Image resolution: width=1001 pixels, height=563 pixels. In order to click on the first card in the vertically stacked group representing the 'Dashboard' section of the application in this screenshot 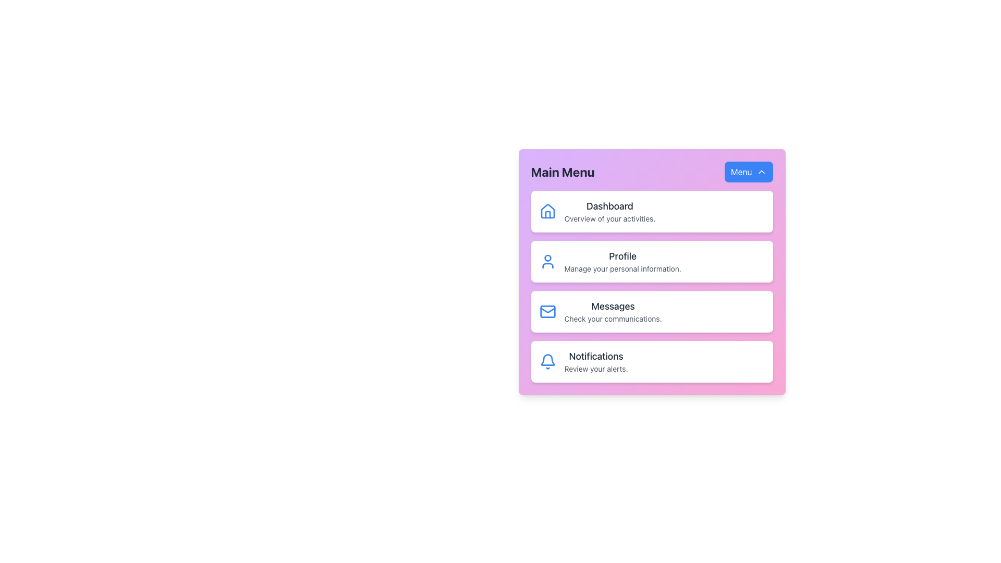, I will do `click(651, 211)`.